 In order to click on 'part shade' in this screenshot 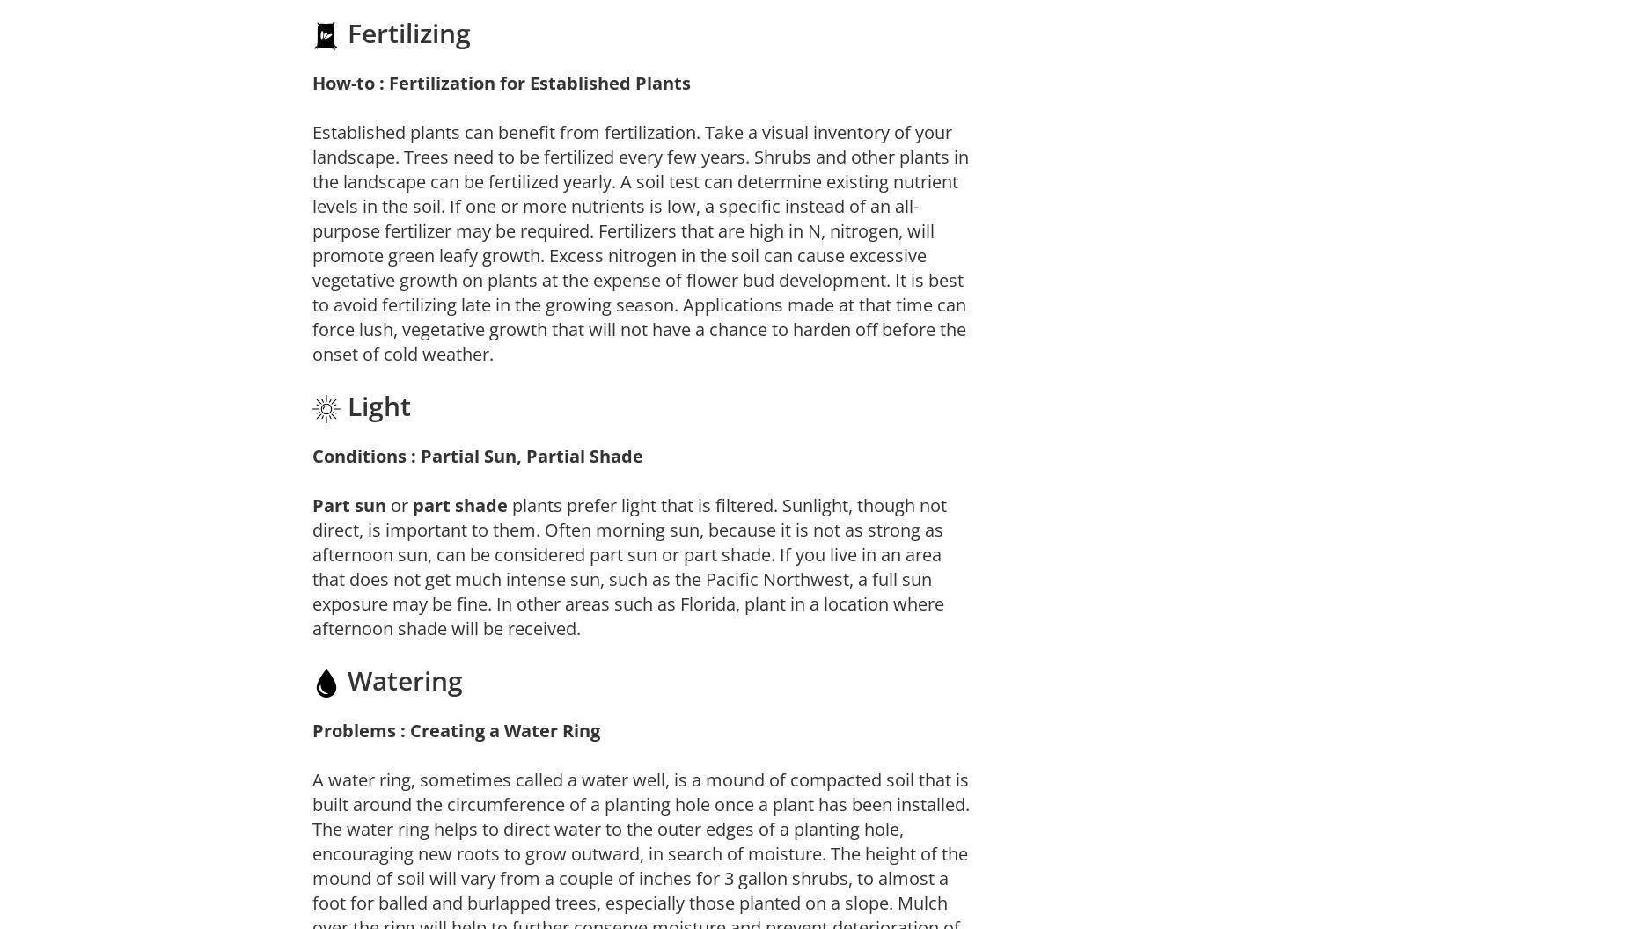, I will do `click(458, 504)`.